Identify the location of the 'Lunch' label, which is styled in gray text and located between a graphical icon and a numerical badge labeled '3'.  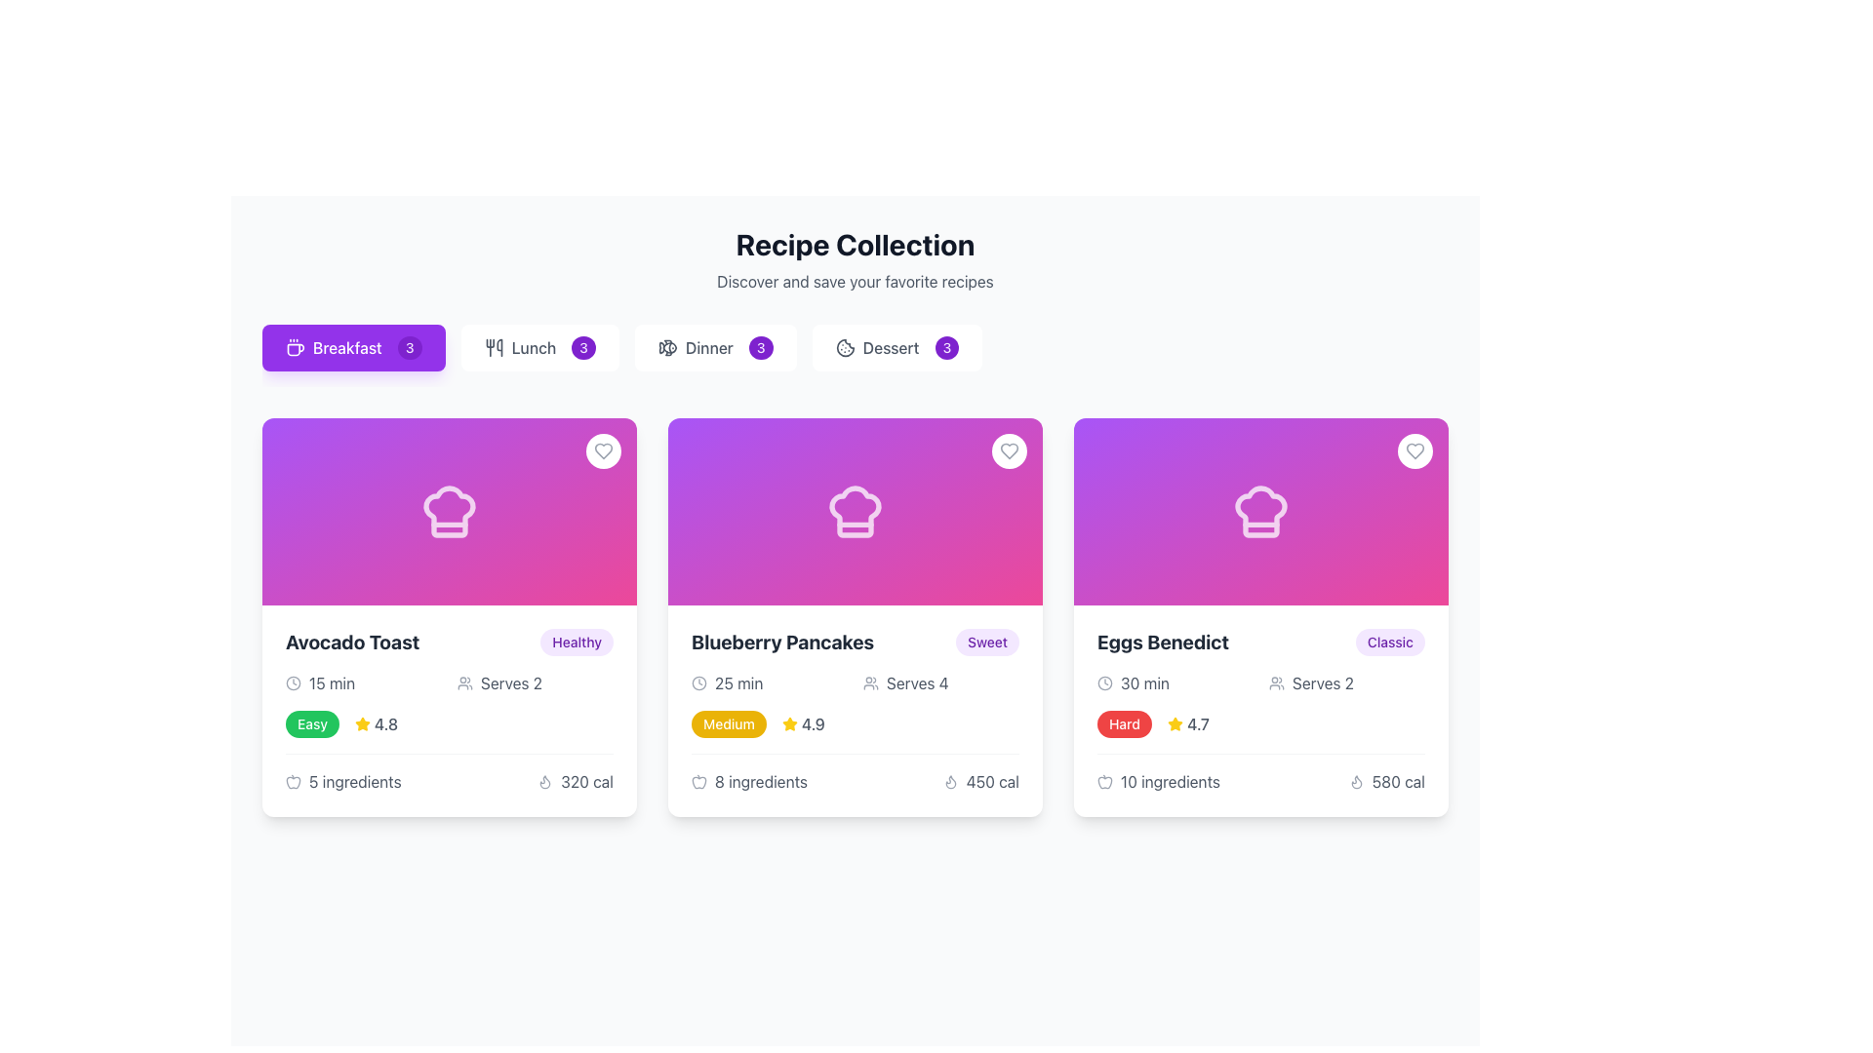
(534, 347).